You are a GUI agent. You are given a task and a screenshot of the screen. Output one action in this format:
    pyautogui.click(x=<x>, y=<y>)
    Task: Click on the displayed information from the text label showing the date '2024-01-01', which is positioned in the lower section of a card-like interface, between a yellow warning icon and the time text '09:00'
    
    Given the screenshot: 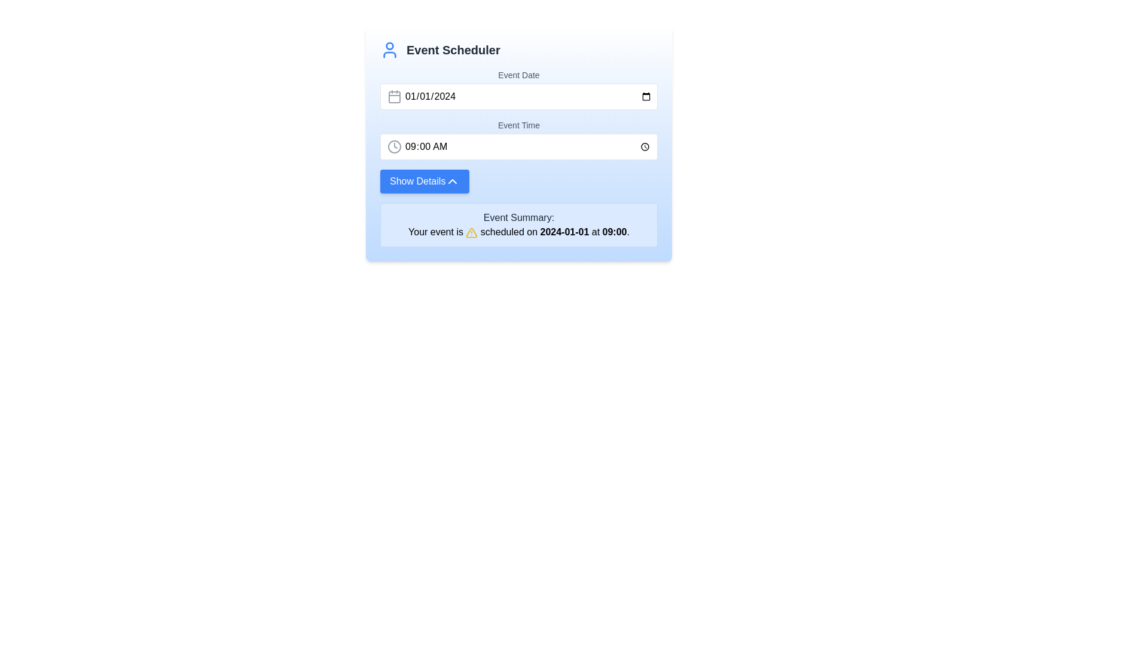 What is the action you would take?
    pyautogui.click(x=564, y=232)
    